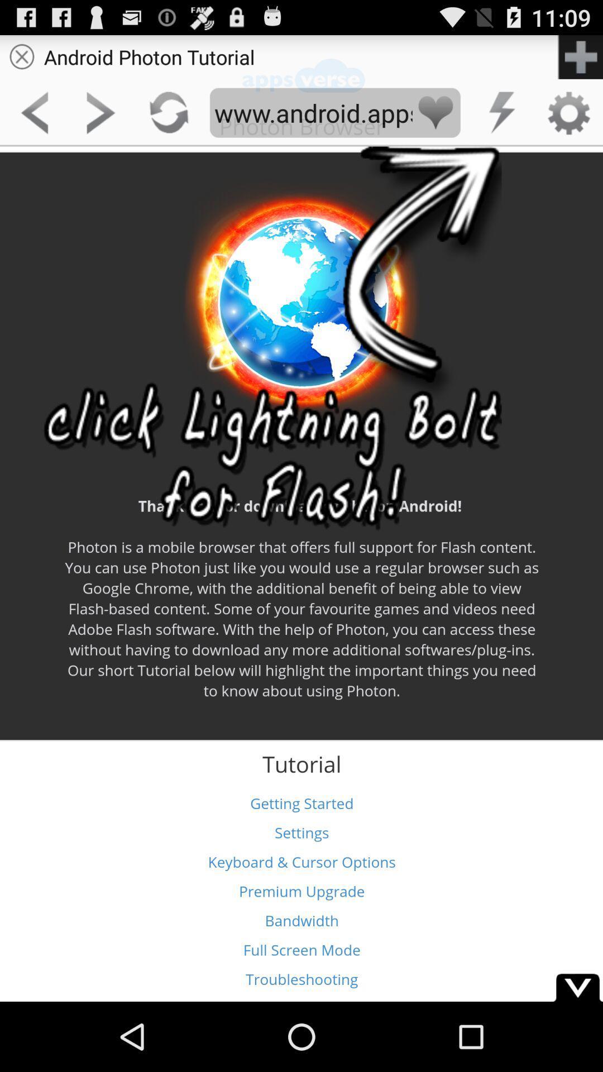 This screenshot has height=1072, width=603. What do you see at coordinates (22, 60) in the screenshot?
I see `the close icon` at bounding box center [22, 60].